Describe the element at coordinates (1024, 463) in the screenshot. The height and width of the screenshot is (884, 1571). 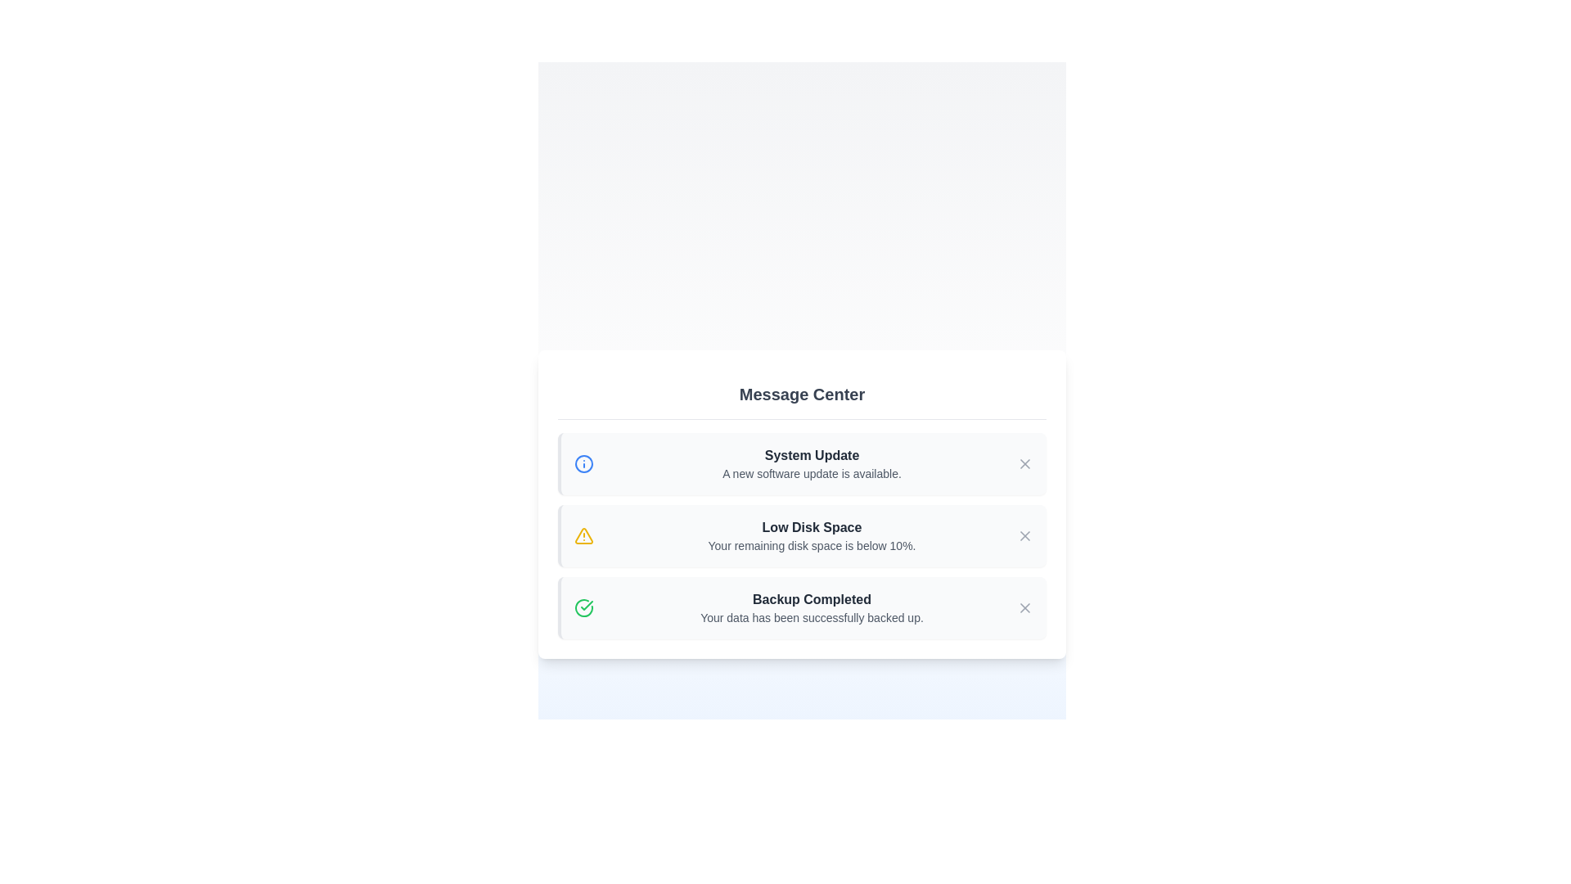
I see `the 'X' shaped button on the right side of the 'System Update' bar in the 'Message Center'` at that location.